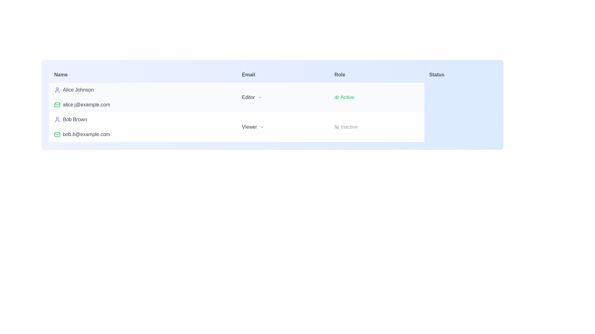 The image size is (595, 334). Describe the element at coordinates (57, 134) in the screenshot. I see `the envelope-shaped icon within the green mail icon located in the second row of the data table, to the left of the email address` at that location.